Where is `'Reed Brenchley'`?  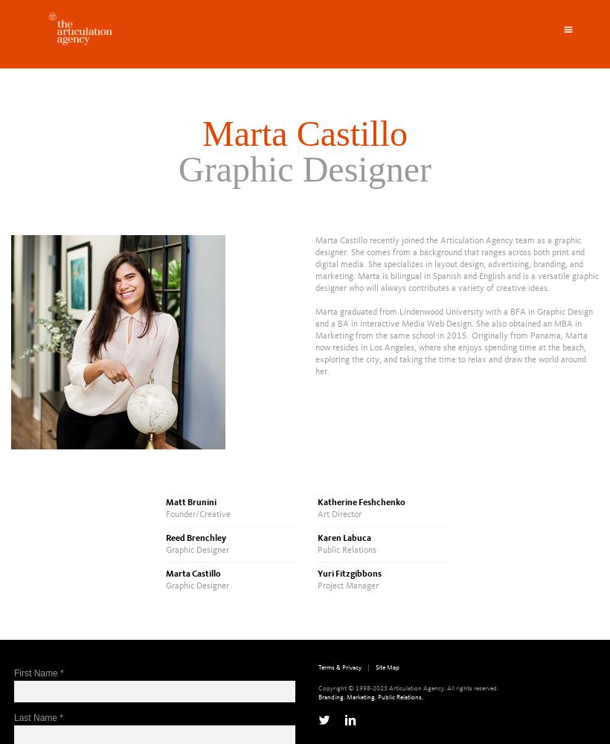
'Reed Brenchley' is located at coordinates (196, 537).